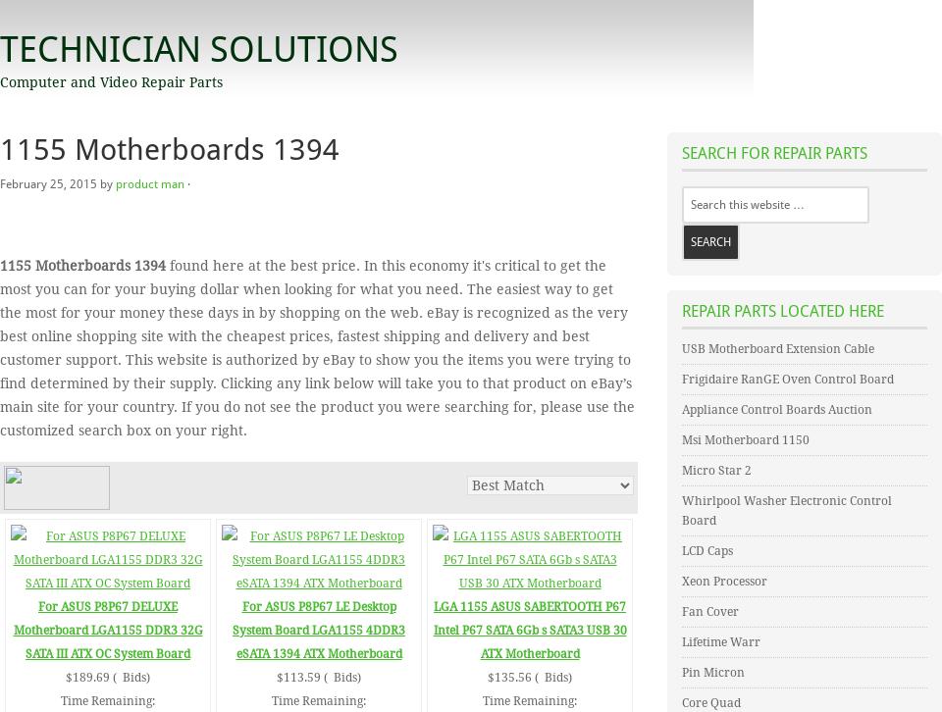  What do you see at coordinates (149, 183) in the screenshot?
I see `'product man'` at bounding box center [149, 183].